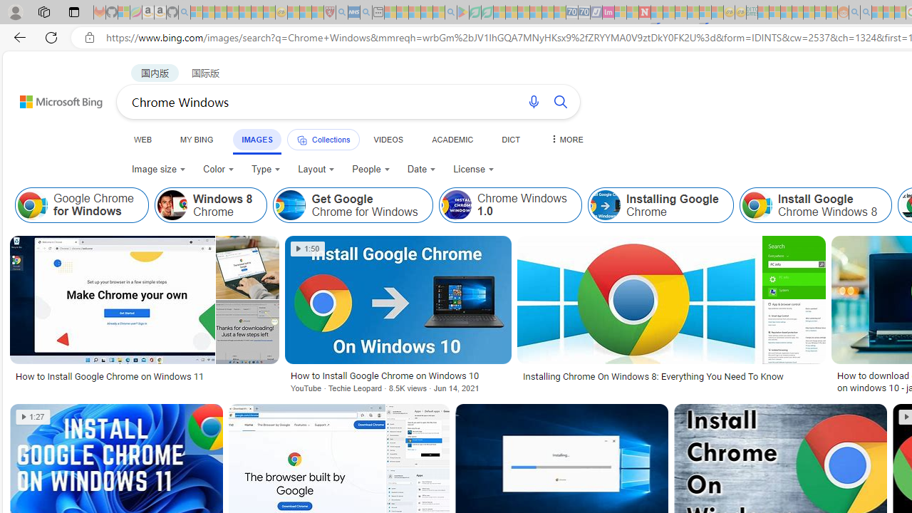  What do you see at coordinates (474, 168) in the screenshot?
I see `'License'` at bounding box center [474, 168].